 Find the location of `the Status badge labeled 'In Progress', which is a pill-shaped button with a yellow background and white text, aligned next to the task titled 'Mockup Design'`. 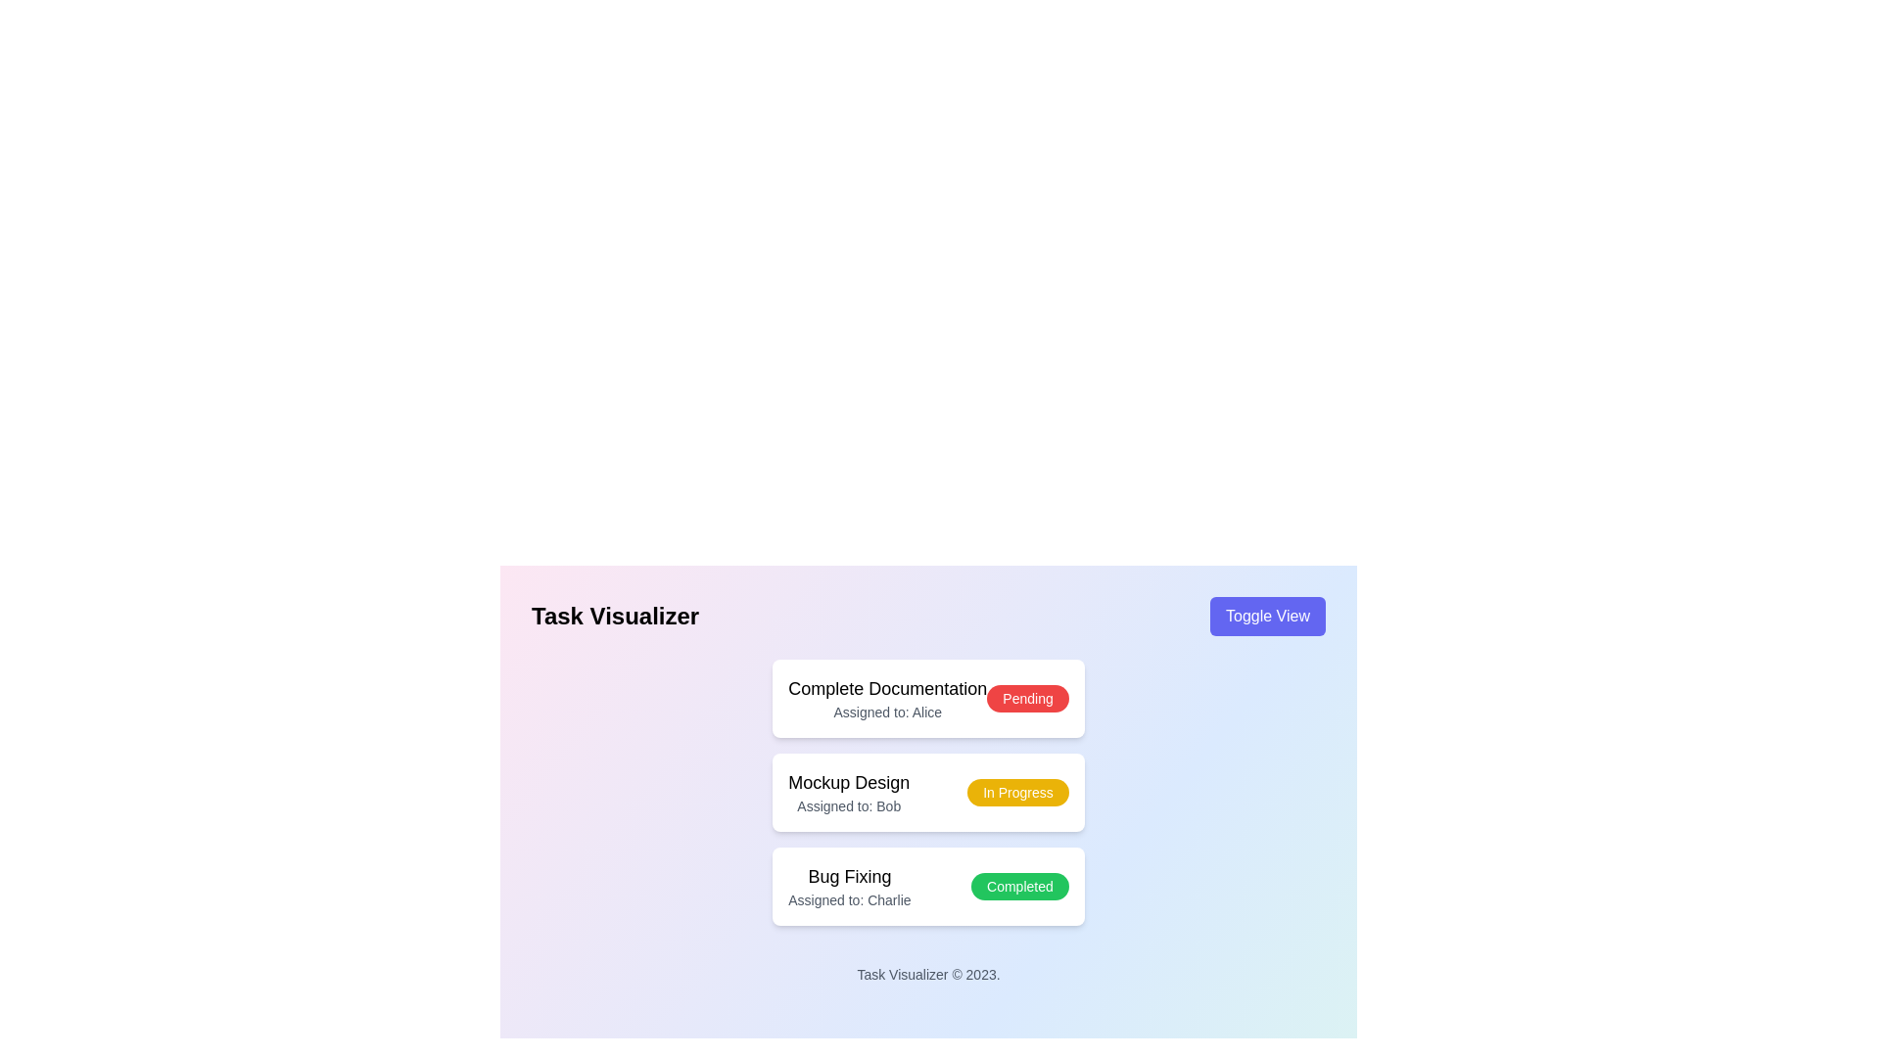

the Status badge labeled 'In Progress', which is a pill-shaped button with a yellow background and white text, aligned next to the task titled 'Mockup Design' is located at coordinates (1017, 793).